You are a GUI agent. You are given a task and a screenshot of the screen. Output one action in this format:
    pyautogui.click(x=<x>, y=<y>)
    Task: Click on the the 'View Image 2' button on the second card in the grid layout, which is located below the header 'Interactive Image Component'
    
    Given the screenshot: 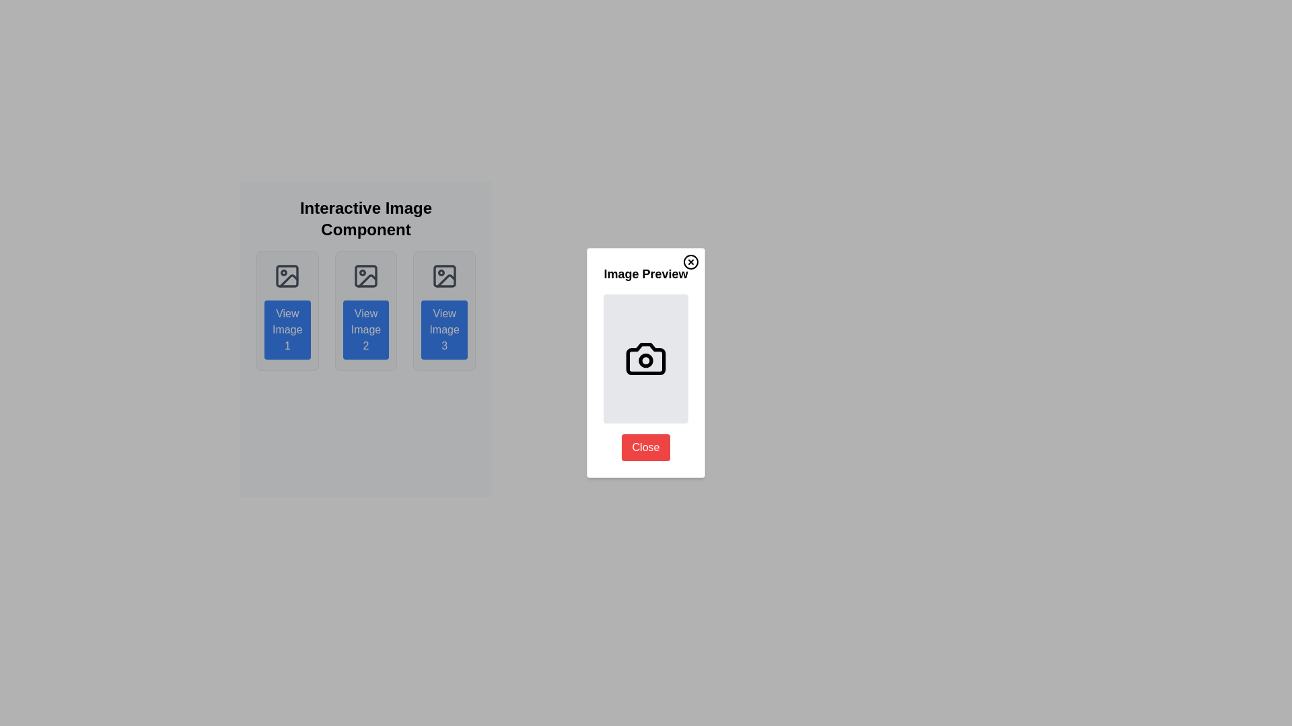 What is the action you would take?
    pyautogui.click(x=365, y=311)
    